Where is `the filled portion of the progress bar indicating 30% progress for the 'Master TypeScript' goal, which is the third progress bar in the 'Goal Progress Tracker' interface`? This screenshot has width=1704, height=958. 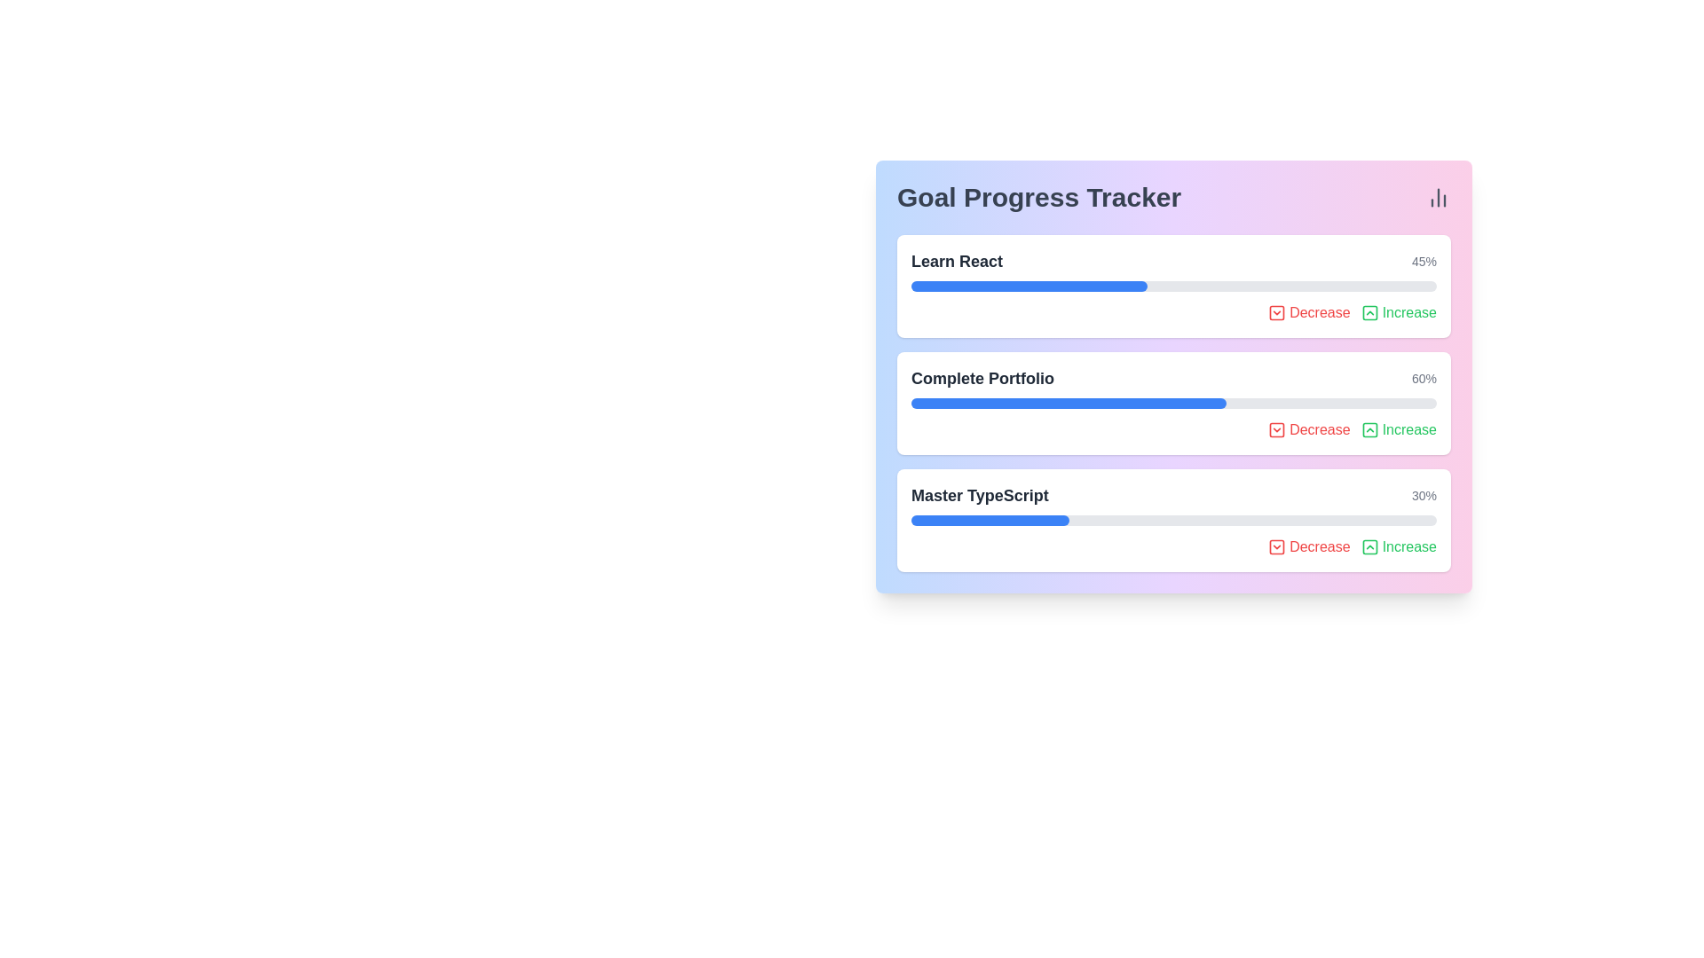
the filled portion of the progress bar indicating 30% progress for the 'Master TypeScript' goal, which is the third progress bar in the 'Goal Progress Tracker' interface is located at coordinates (989, 519).